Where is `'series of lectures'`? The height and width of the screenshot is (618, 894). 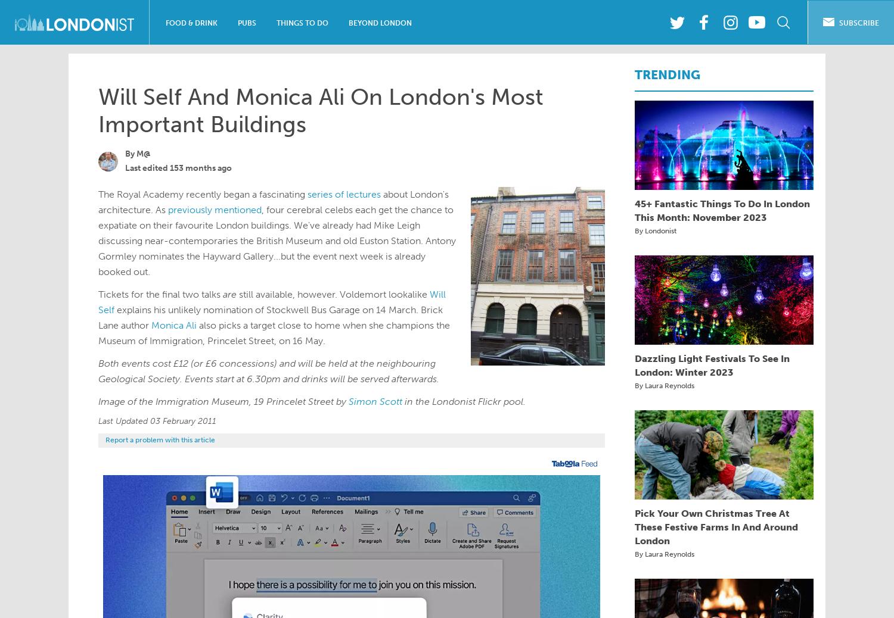 'series of lectures' is located at coordinates (343, 194).